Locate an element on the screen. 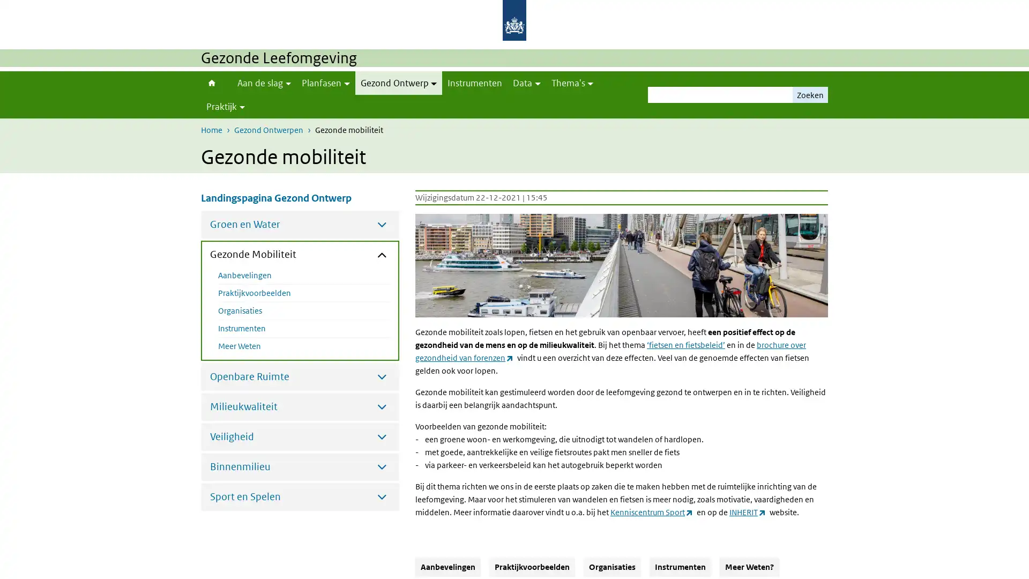 This screenshot has width=1029, height=579. Submenu sluiten is located at coordinates (382, 254).